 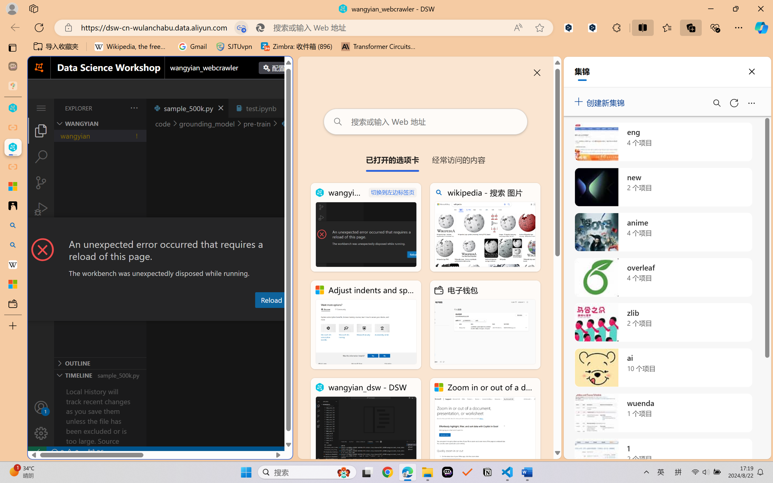 What do you see at coordinates (187, 108) in the screenshot?
I see `'sample_500k.py'` at bounding box center [187, 108].